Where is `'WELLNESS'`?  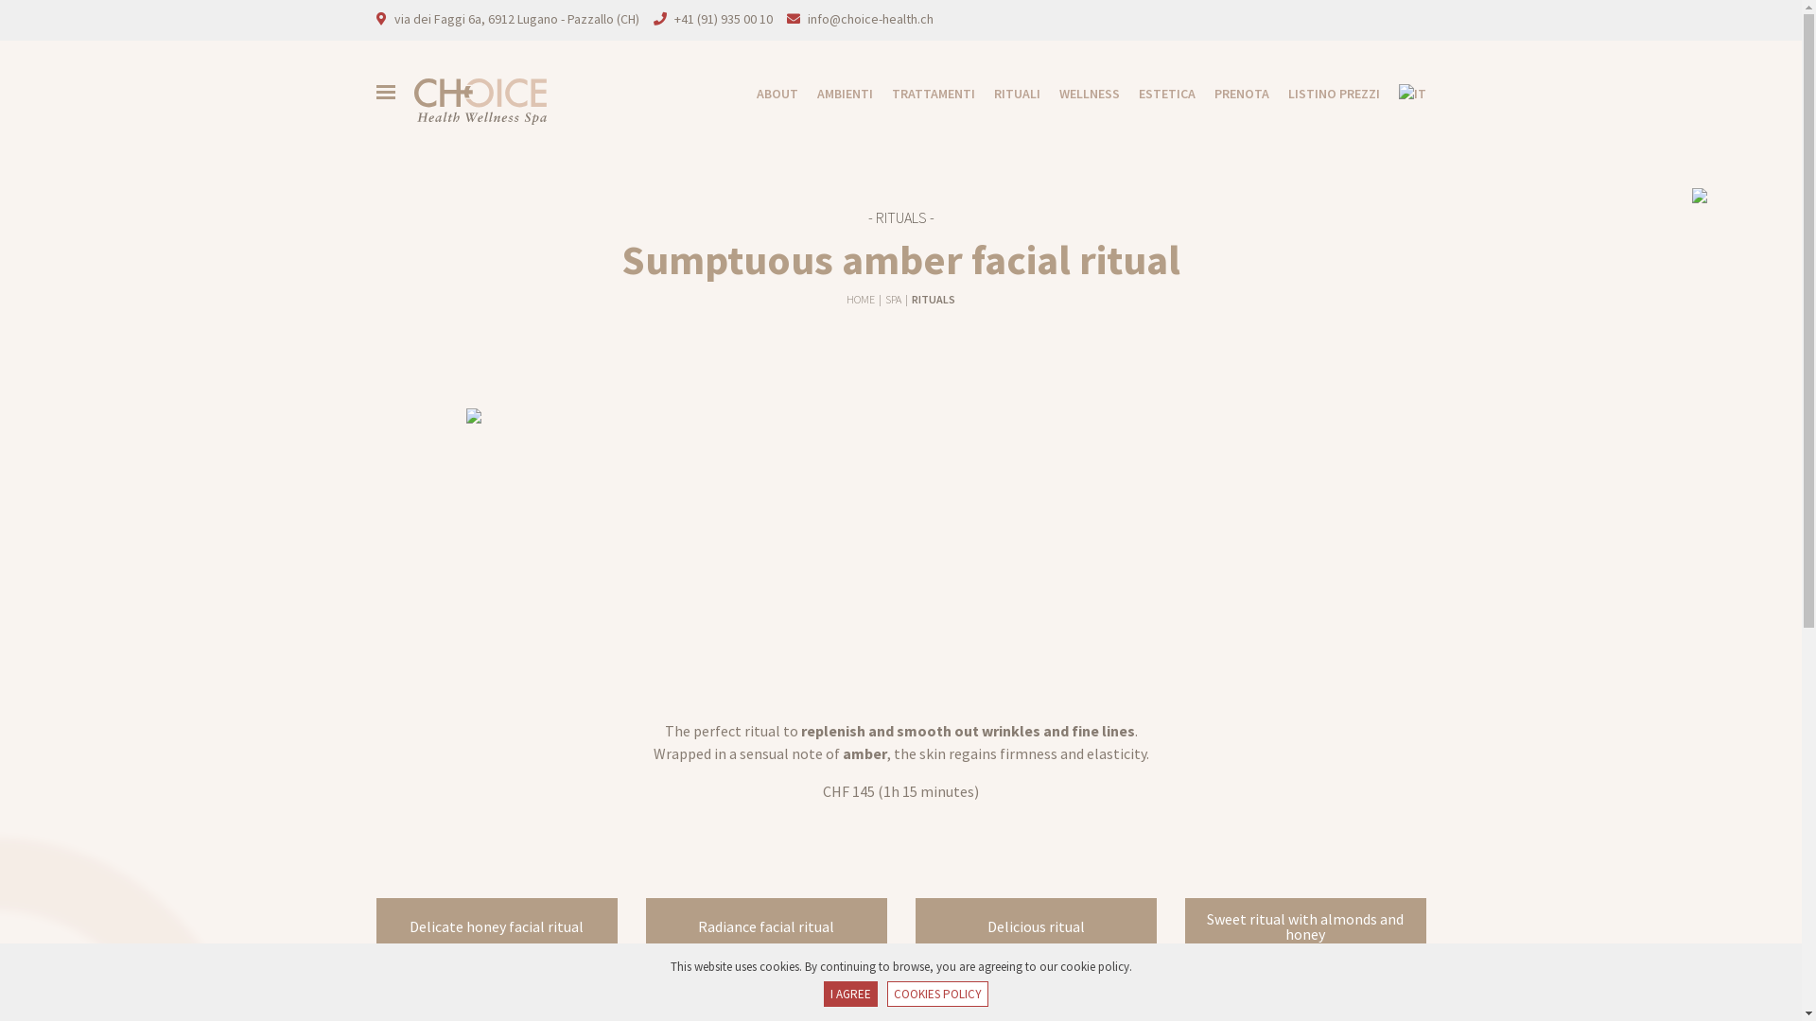
'WELLNESS' is located at coordinates (1080, 94).